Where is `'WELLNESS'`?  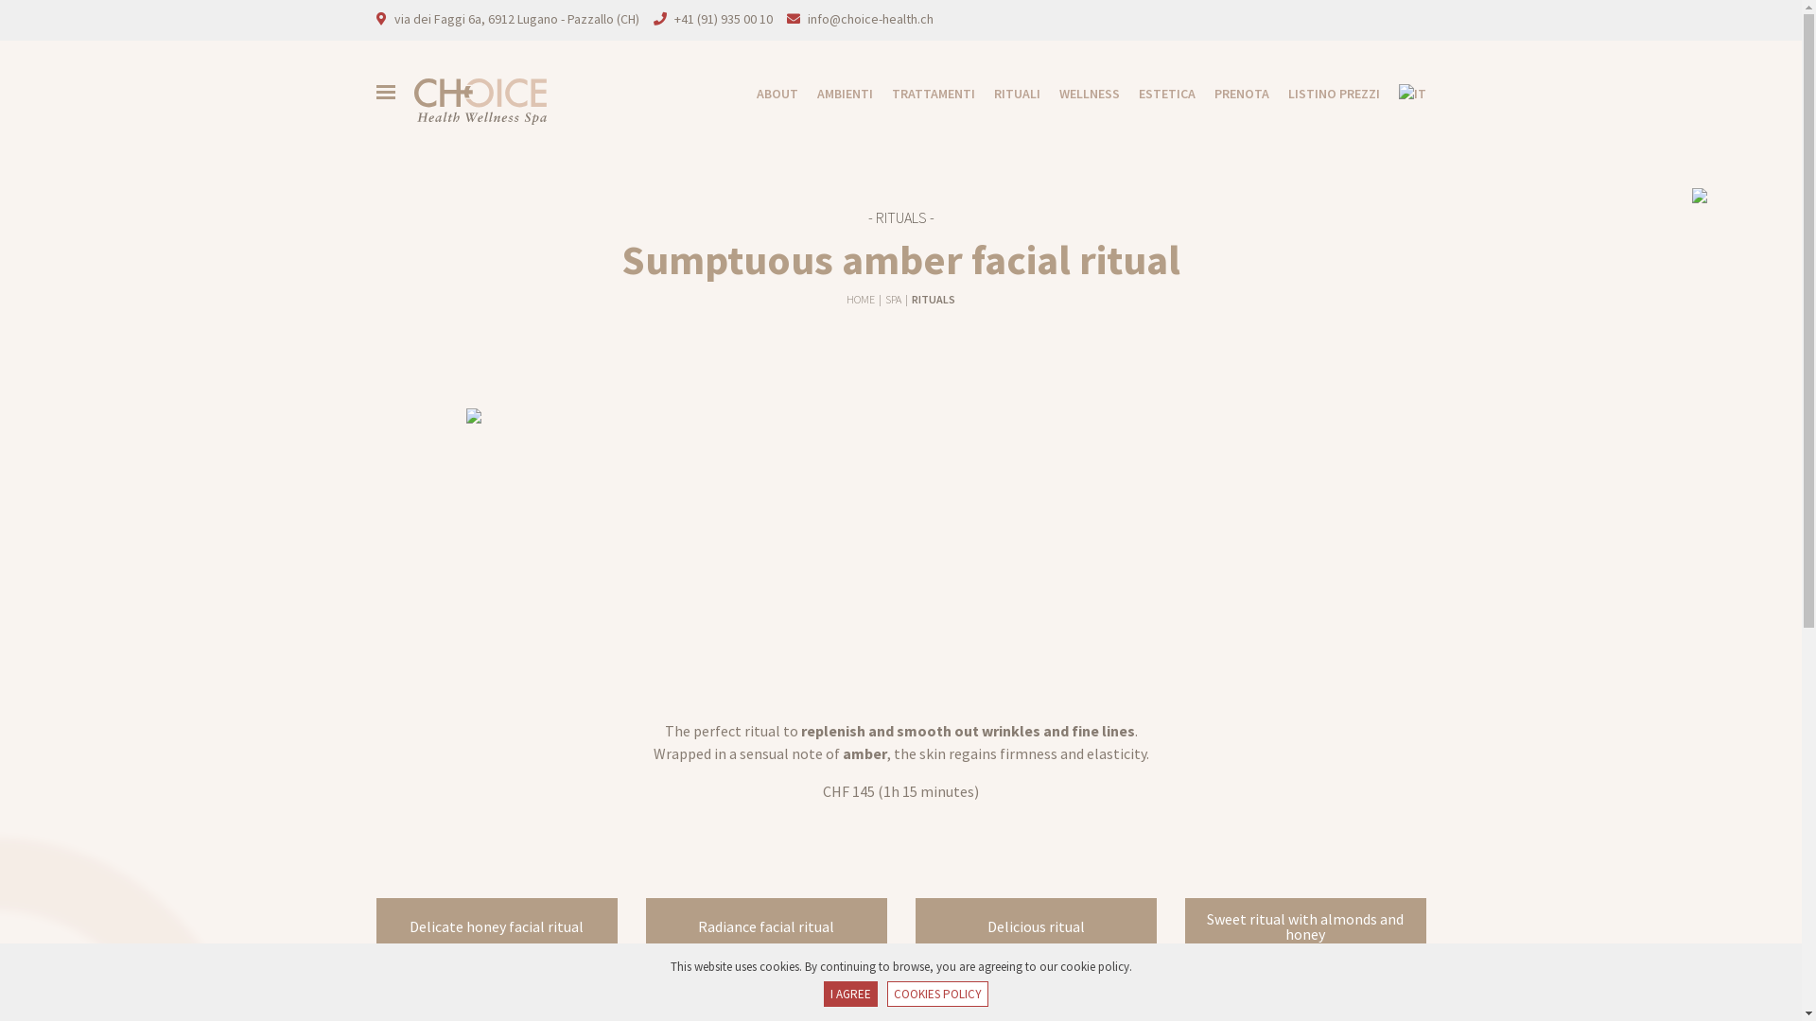
'WELLNESS' is located at coordinates (1080, 94).